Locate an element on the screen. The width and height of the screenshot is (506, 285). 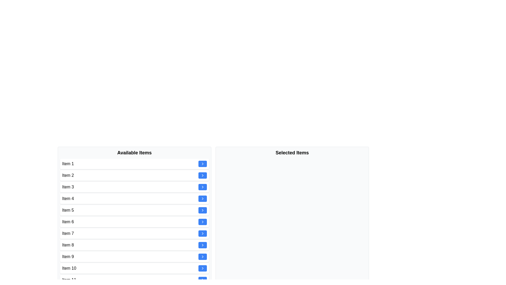
the seventh item in the list labeled 'Available Items' is located at coordinates (134, 233).